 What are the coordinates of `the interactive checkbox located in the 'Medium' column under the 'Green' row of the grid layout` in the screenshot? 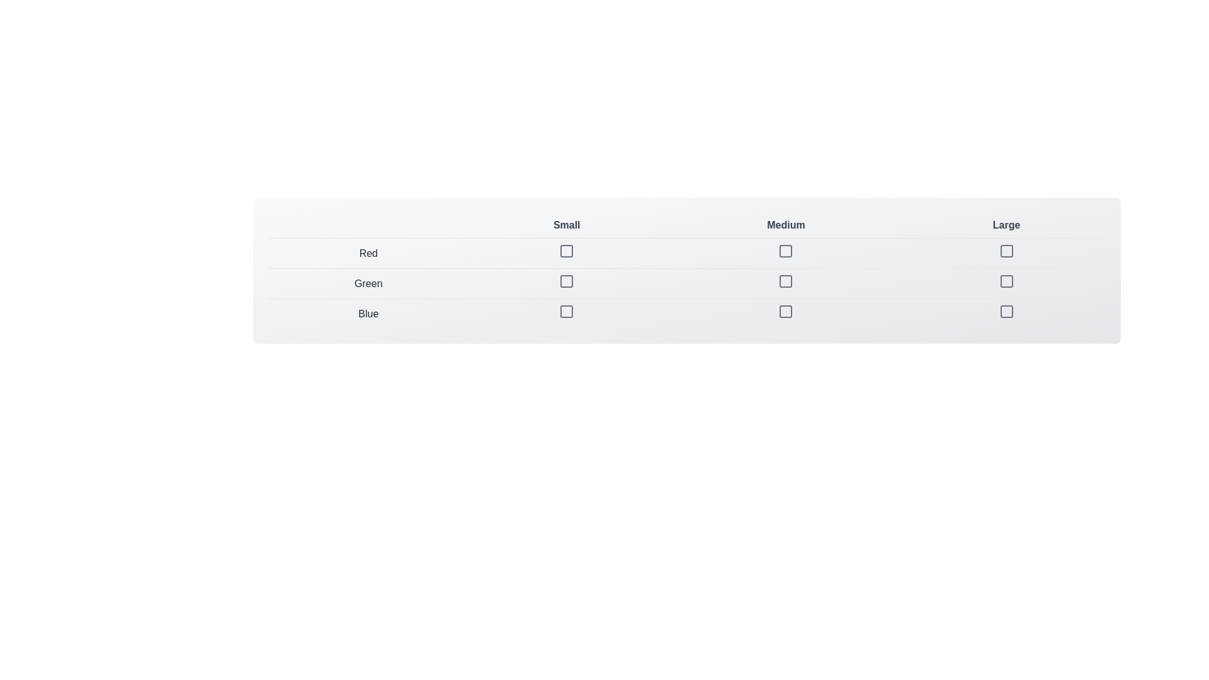 It's located at (785, 281).